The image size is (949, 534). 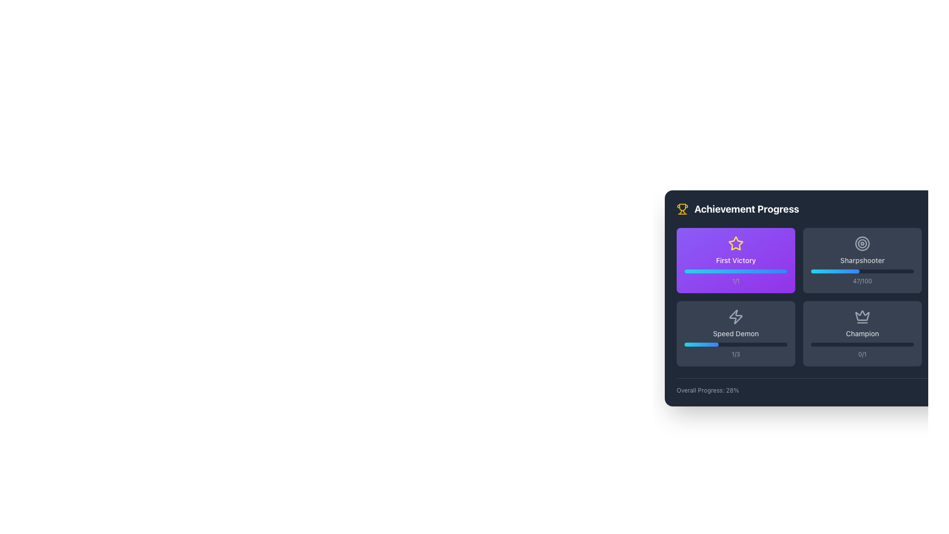 I want to click on the decorative icon representing the 'Sharpshooter' achievement located at the top-center of the 'Sharpshooter' card in the 'Achievement Progress' section, so click(x=862, y=244).